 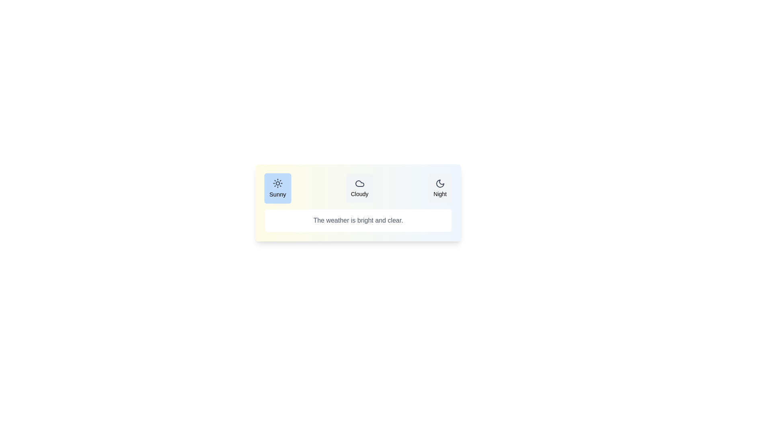 What do you see at coordinates (439, 188) in the screenshot?
I see `the Night tab to view its weather state` at bounding box center [439, 188].